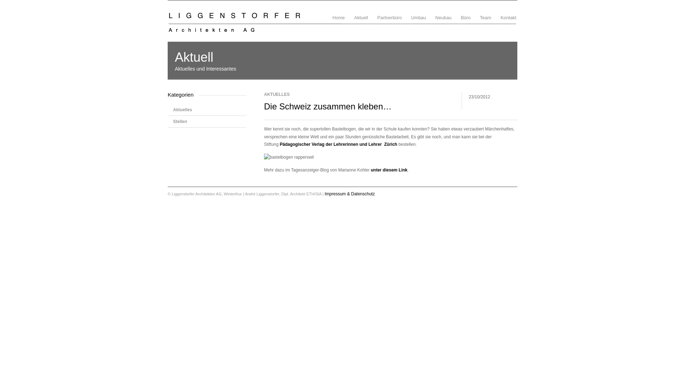  What do you see at coordinates (443, 12) in the screenshot?
I see `'Neubau'` at bounding box center [443, 12].